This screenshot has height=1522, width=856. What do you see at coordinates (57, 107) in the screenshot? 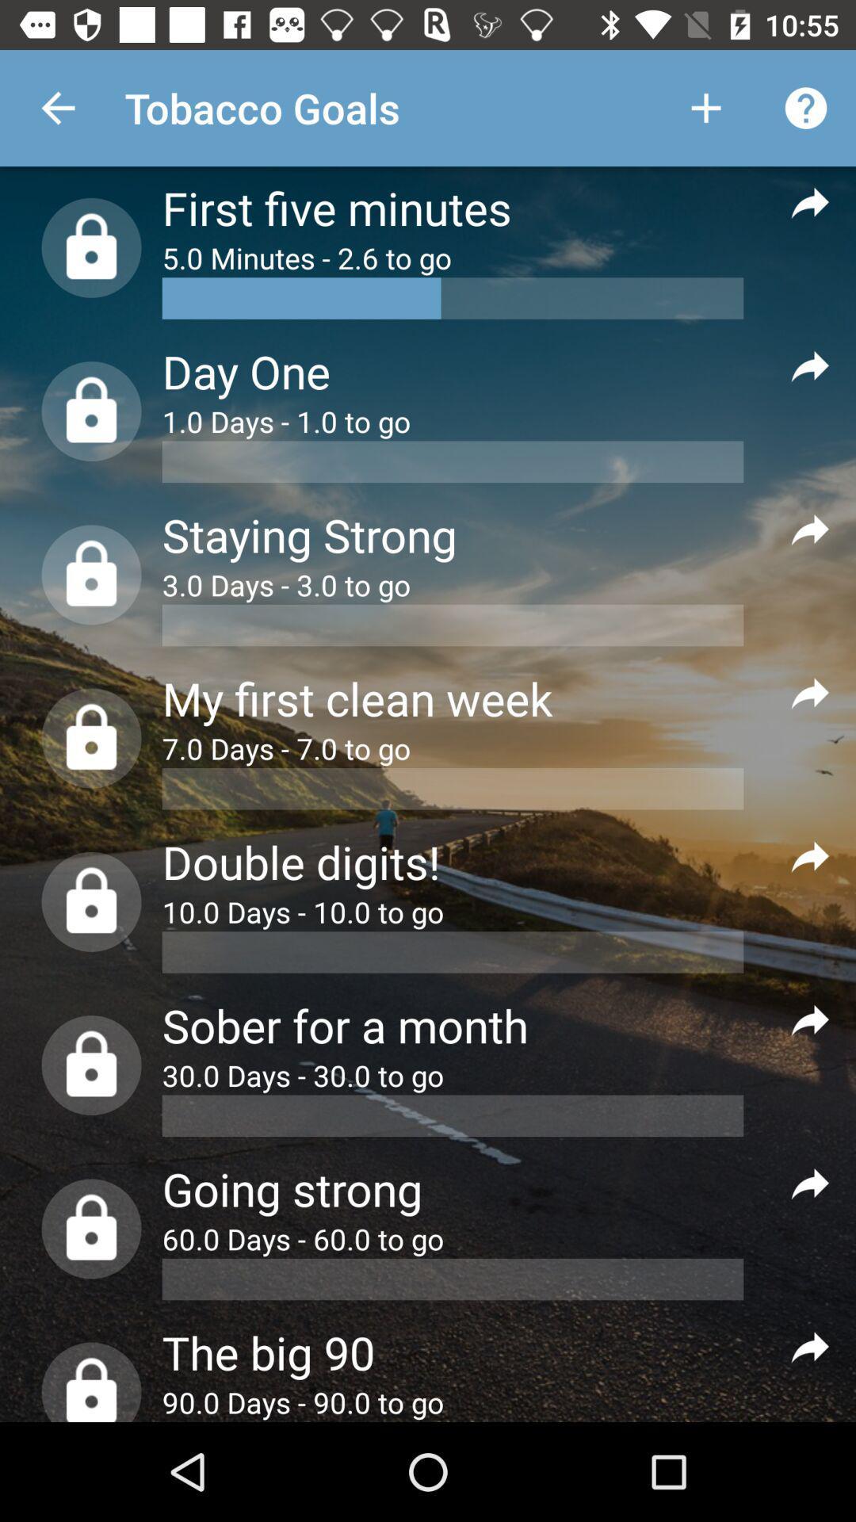
I see `the item next to the tobacco goals item` at bounding box center [57, 107].